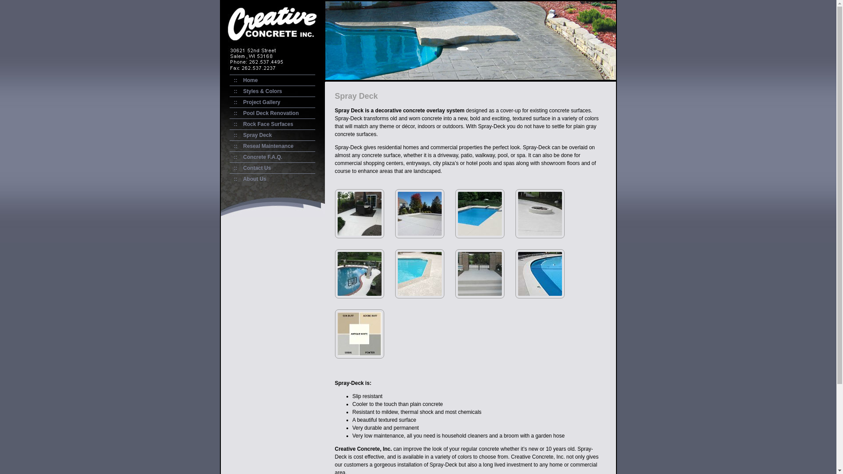 This screenshot has width=843, height=474. Describe the element at coordinates (229, 91) in the screenshot. I see `'::    Styles & Colors'` at that location.